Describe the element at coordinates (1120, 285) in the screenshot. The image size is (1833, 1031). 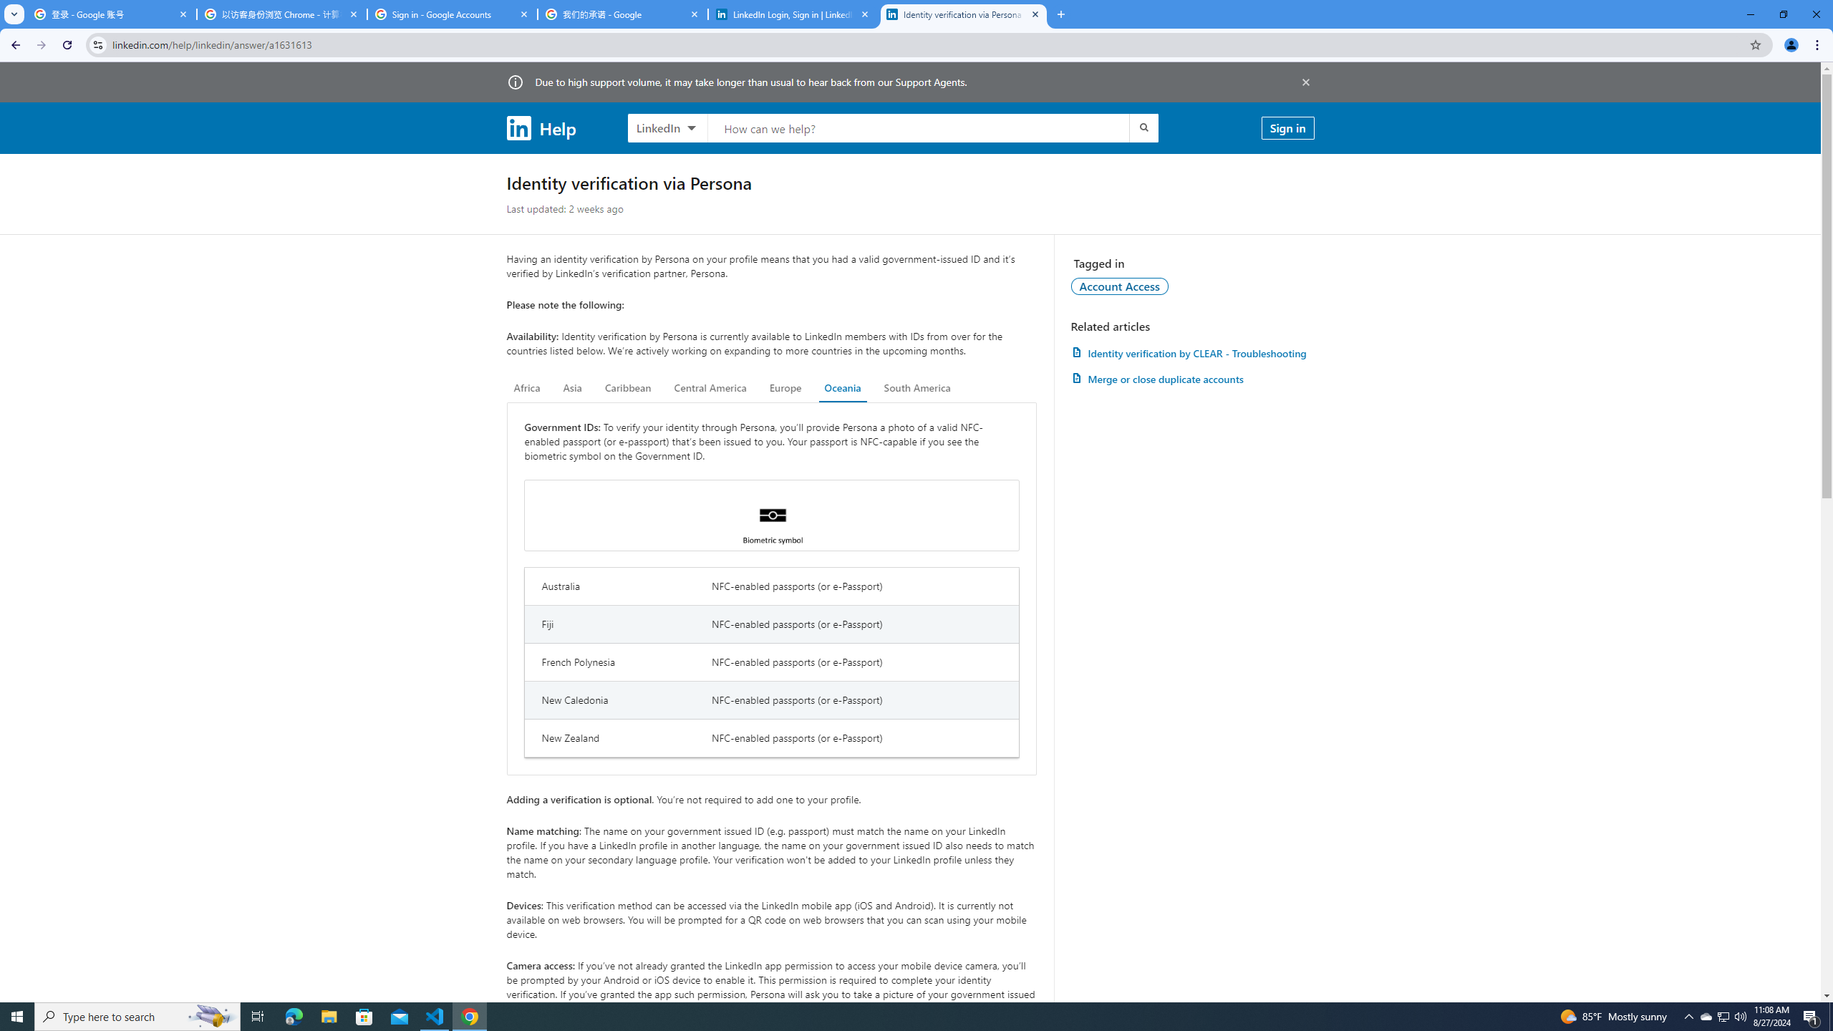
I see `'AutomationID: topic-link-a151002'` at that location.